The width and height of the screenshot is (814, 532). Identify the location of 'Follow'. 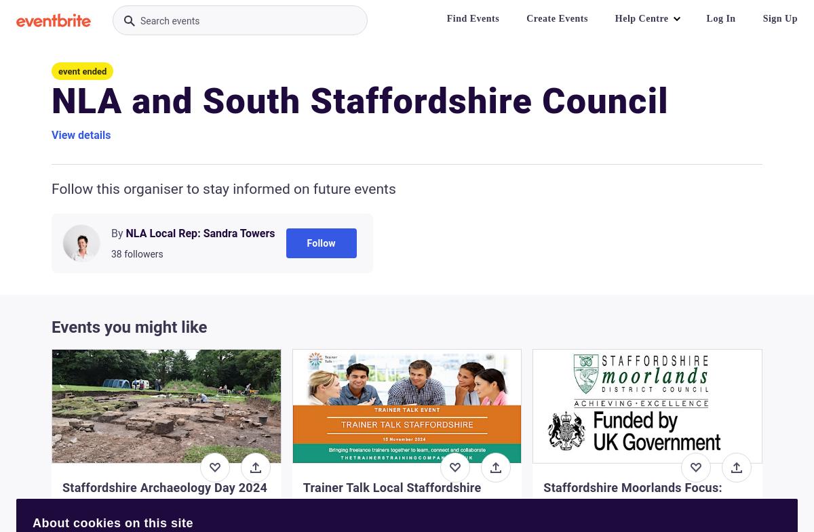
(320, 242).